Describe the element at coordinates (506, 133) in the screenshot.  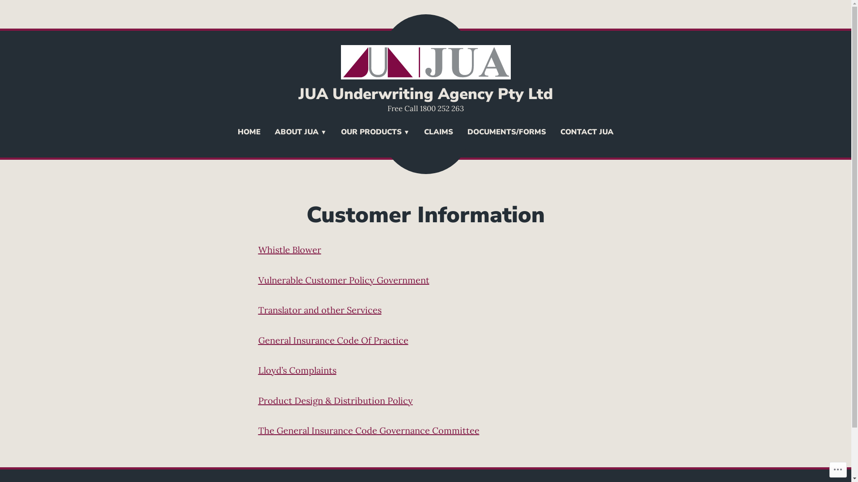
I see `'DOCUMENTS/FORMS'` at that location.